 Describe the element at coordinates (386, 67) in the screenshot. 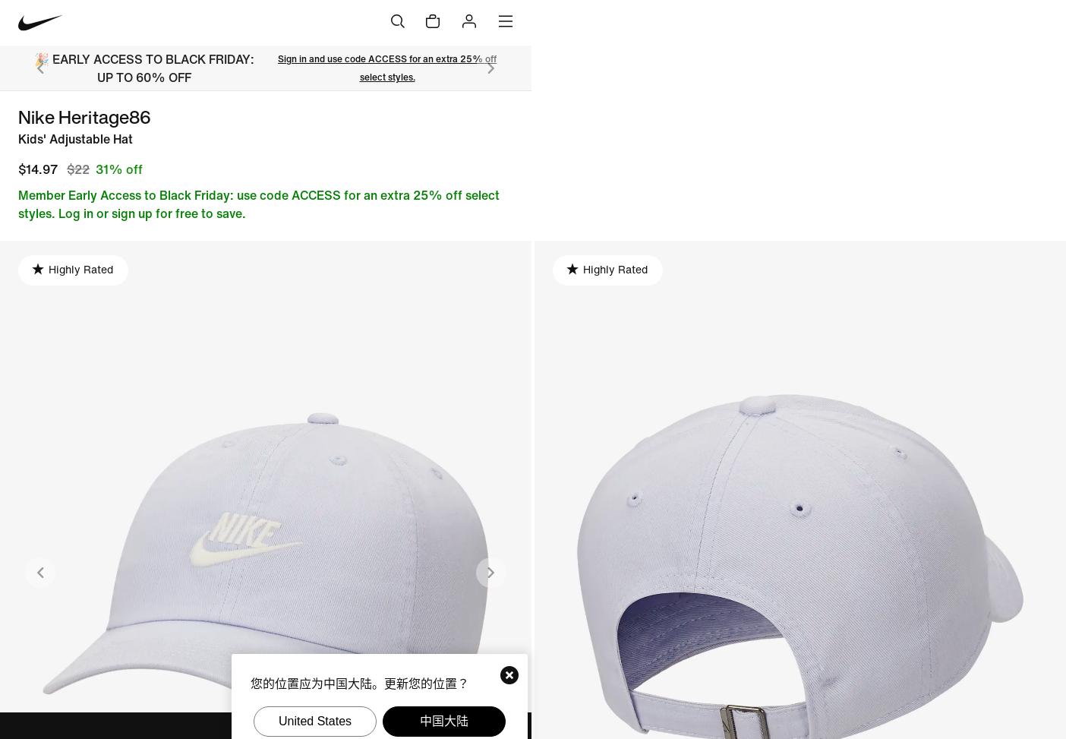

I see `'Sign in and use code ACCESS for an extra 25% off select styles.'` at that location.